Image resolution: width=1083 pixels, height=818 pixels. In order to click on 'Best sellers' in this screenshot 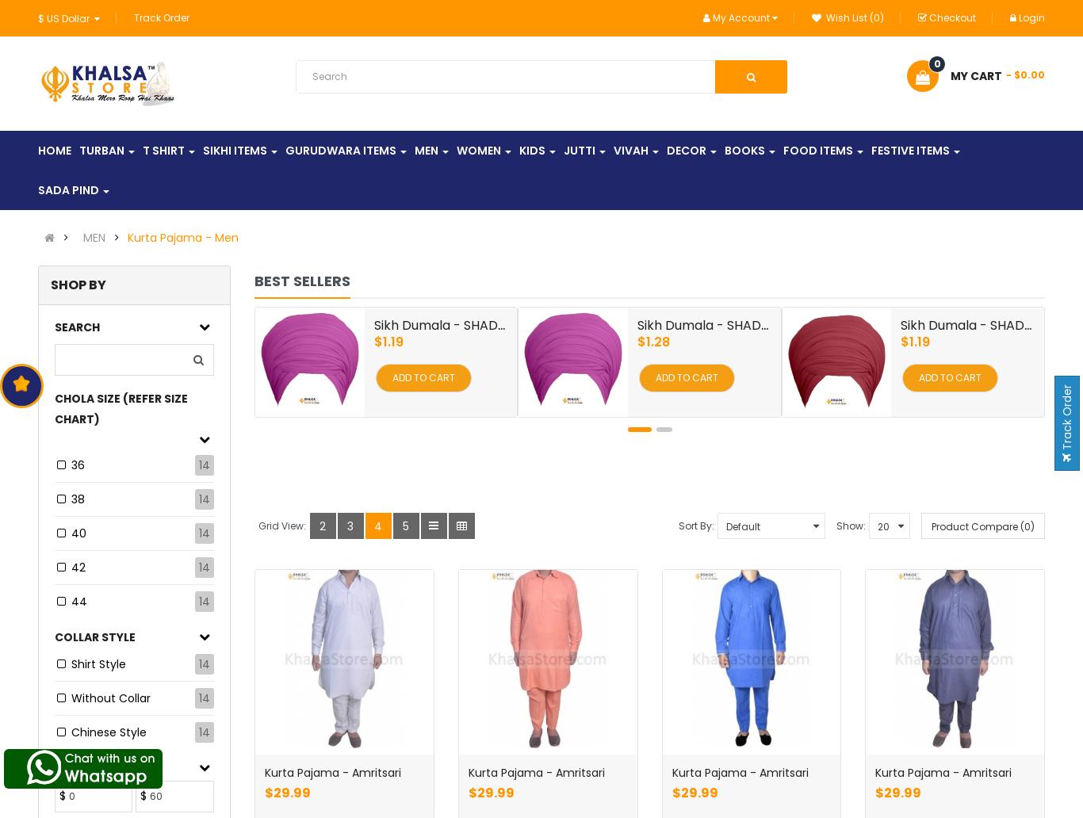, I will do `click(300, 281)`.